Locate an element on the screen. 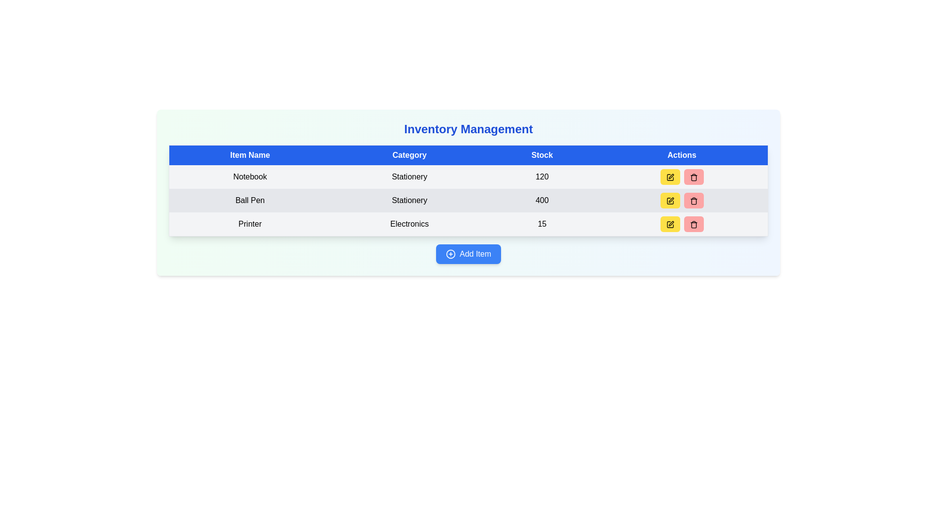 The height and width of the screenshot is (531, 945). the edit button for the 'Ball Pen' item in the Inventory Management table to trigger hover effects is located at coordinates (669, 200).